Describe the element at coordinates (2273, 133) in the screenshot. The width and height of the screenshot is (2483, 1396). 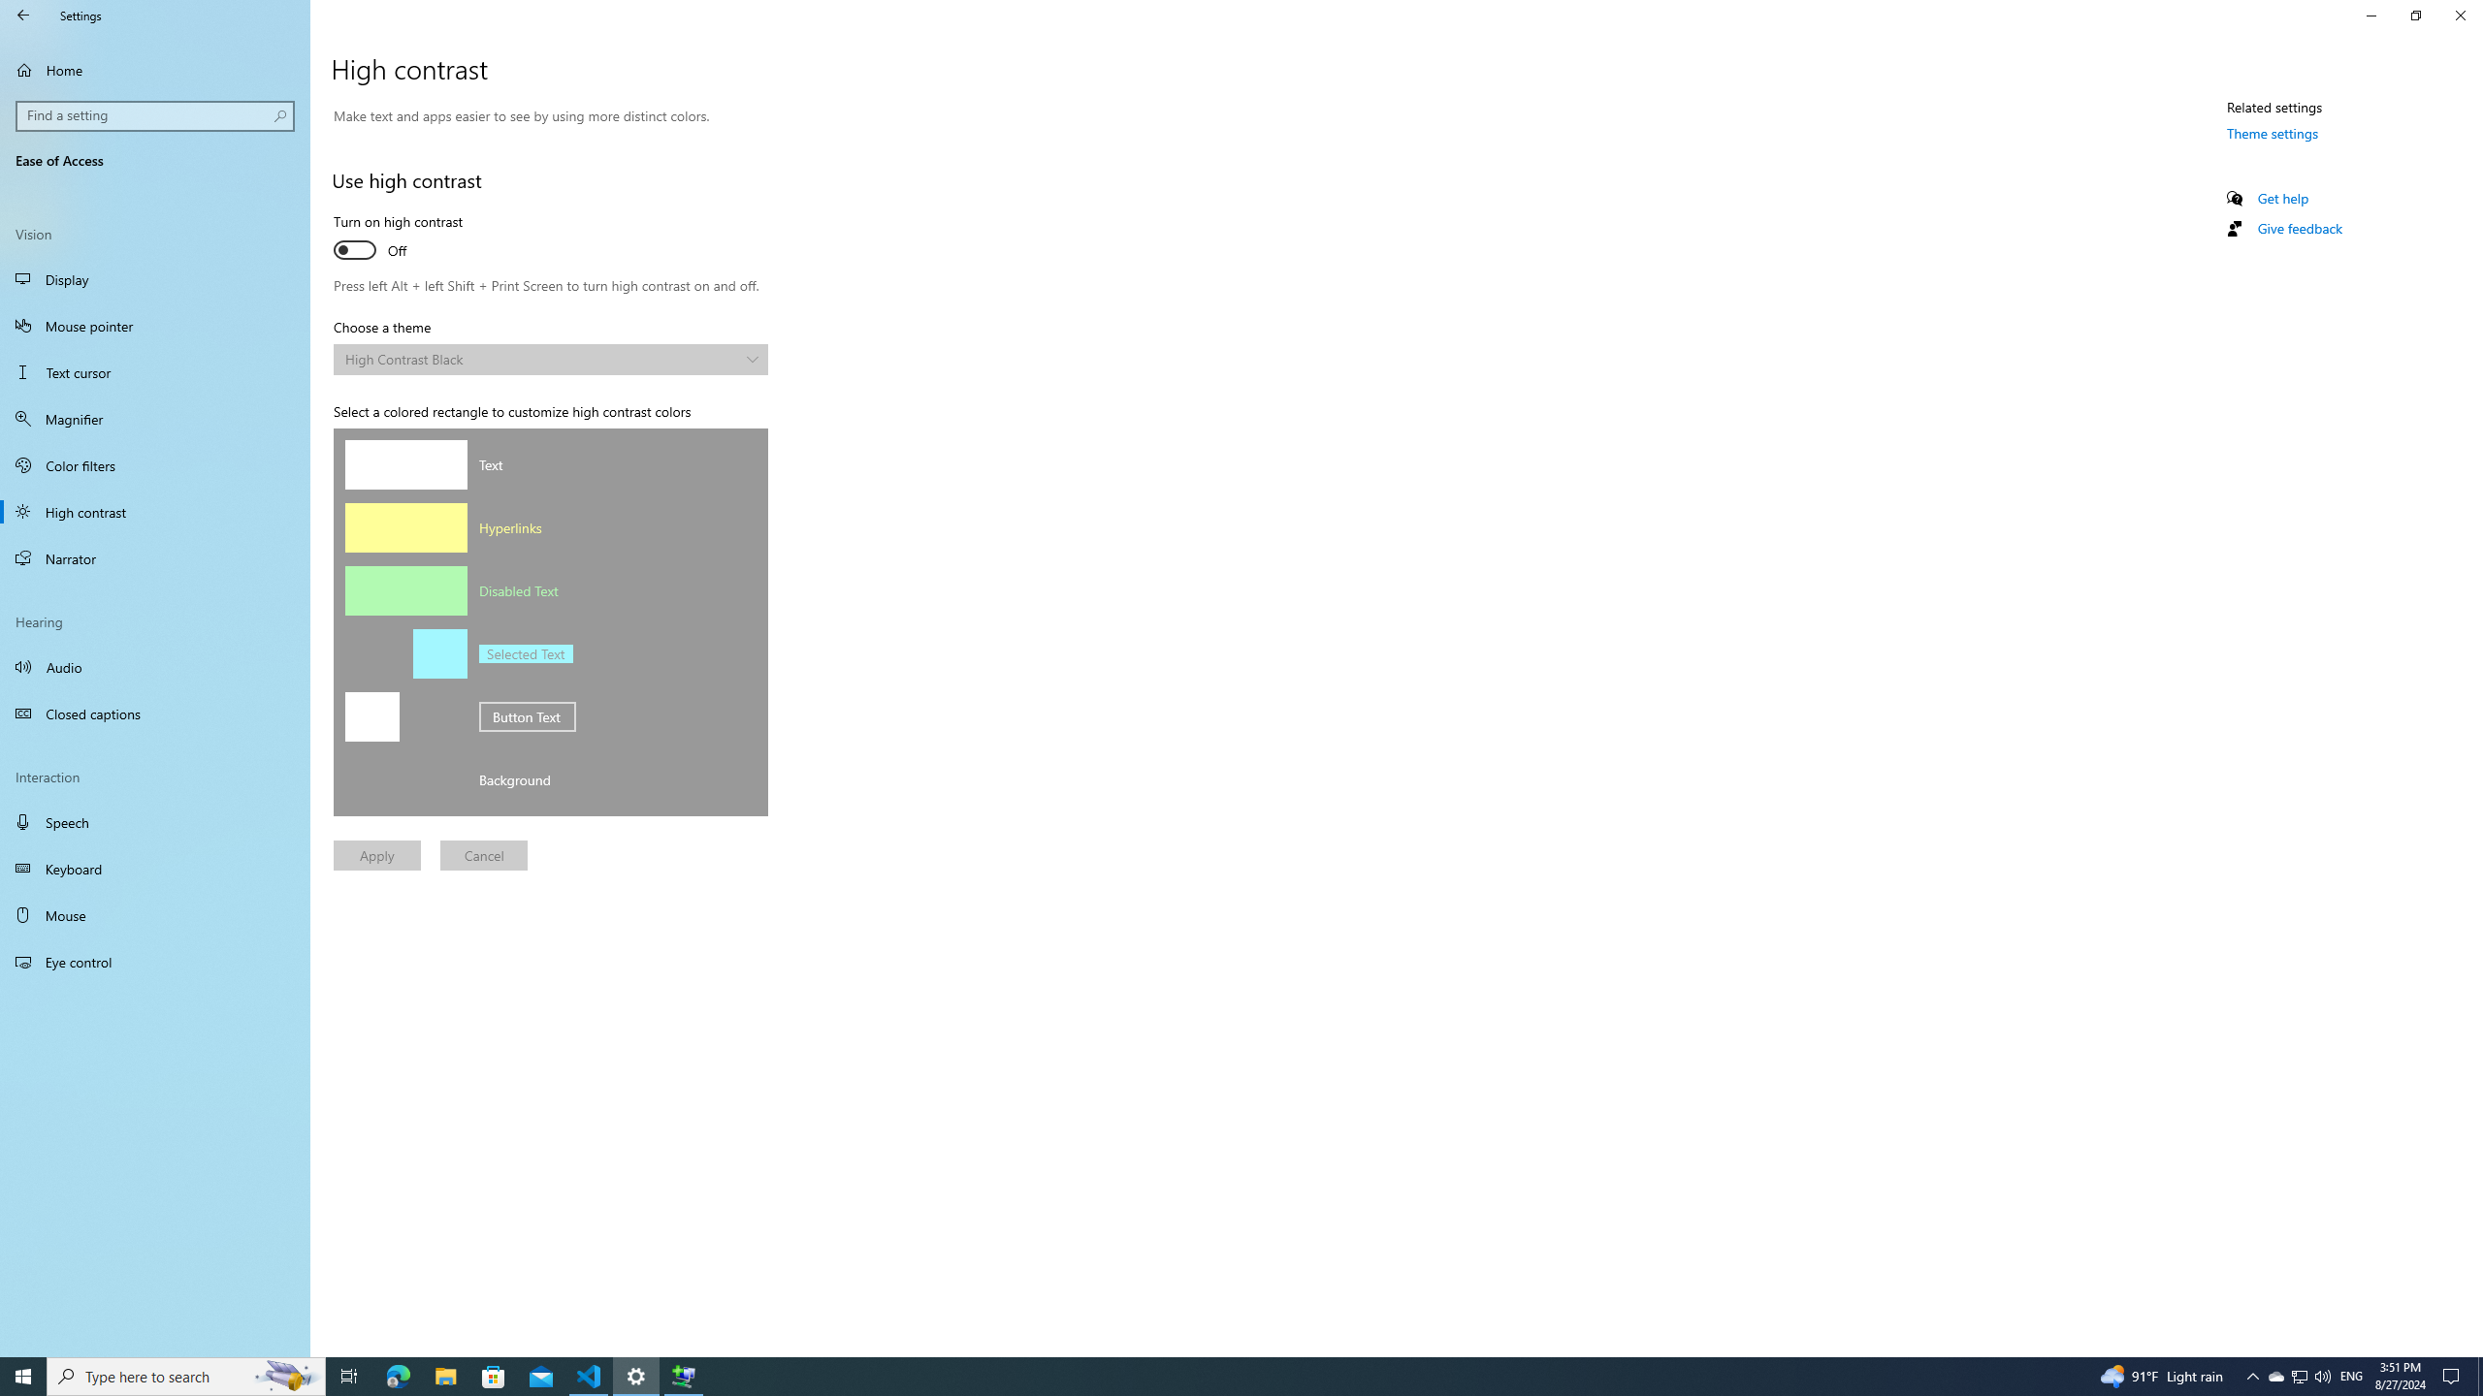
I see `'Theme settings'` at that location.